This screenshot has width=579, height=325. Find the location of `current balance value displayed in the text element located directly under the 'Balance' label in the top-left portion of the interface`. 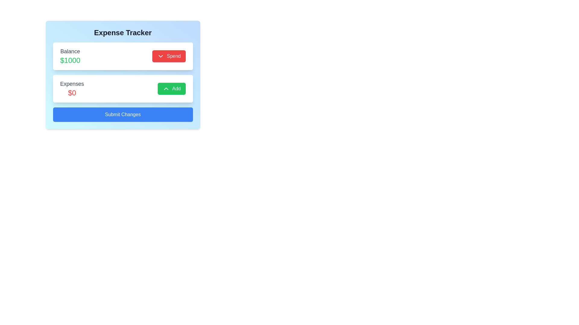

current balance value displayed in the text element located directly under the 'Balance' label in the top-left portion of the interface is located at coordinates (70, 60).